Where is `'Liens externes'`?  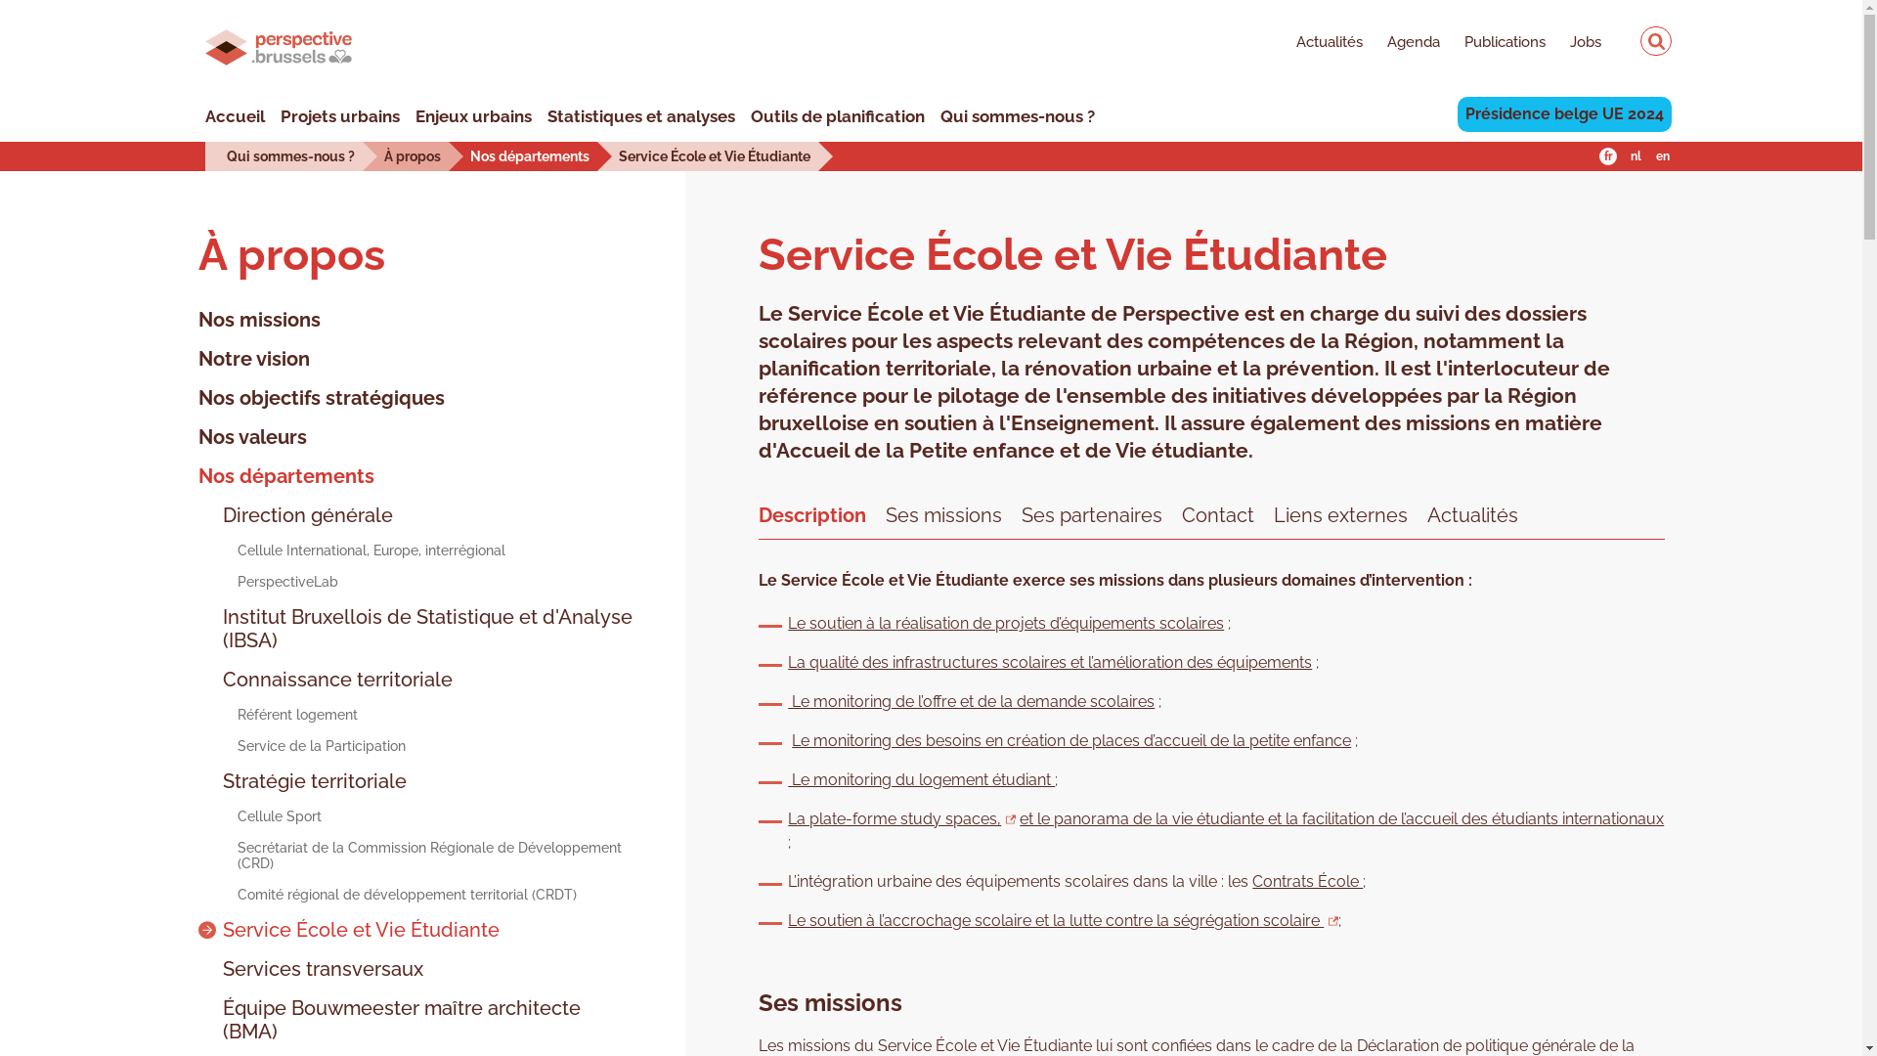
'Liens externes' is located at coordinates (1273, 511).